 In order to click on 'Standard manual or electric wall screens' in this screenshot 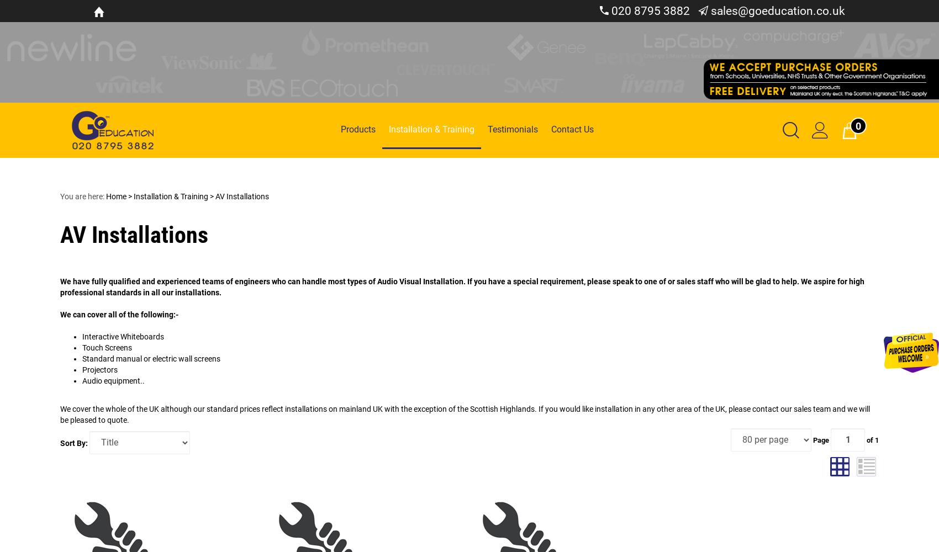, I will do `click(151, 358)`.